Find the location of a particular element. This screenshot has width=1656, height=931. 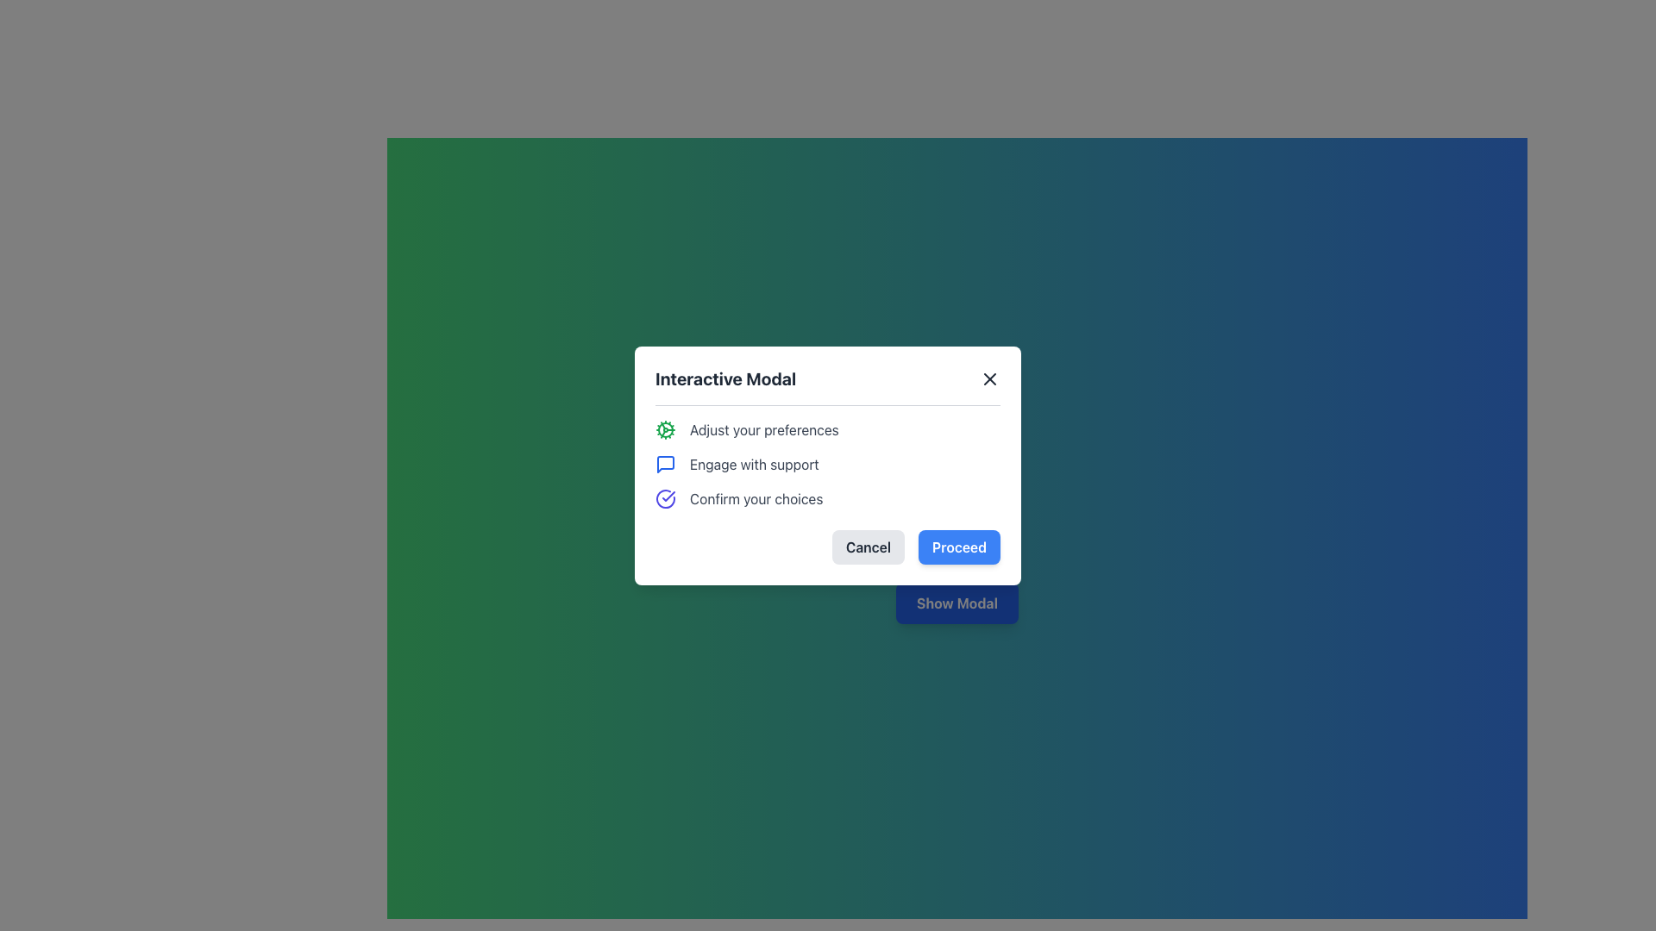

decorative checkmark icon used to symbolize the action 'Confirm your choices' in the modal interface, located to the left of the text is located at coordinates (668, 496).